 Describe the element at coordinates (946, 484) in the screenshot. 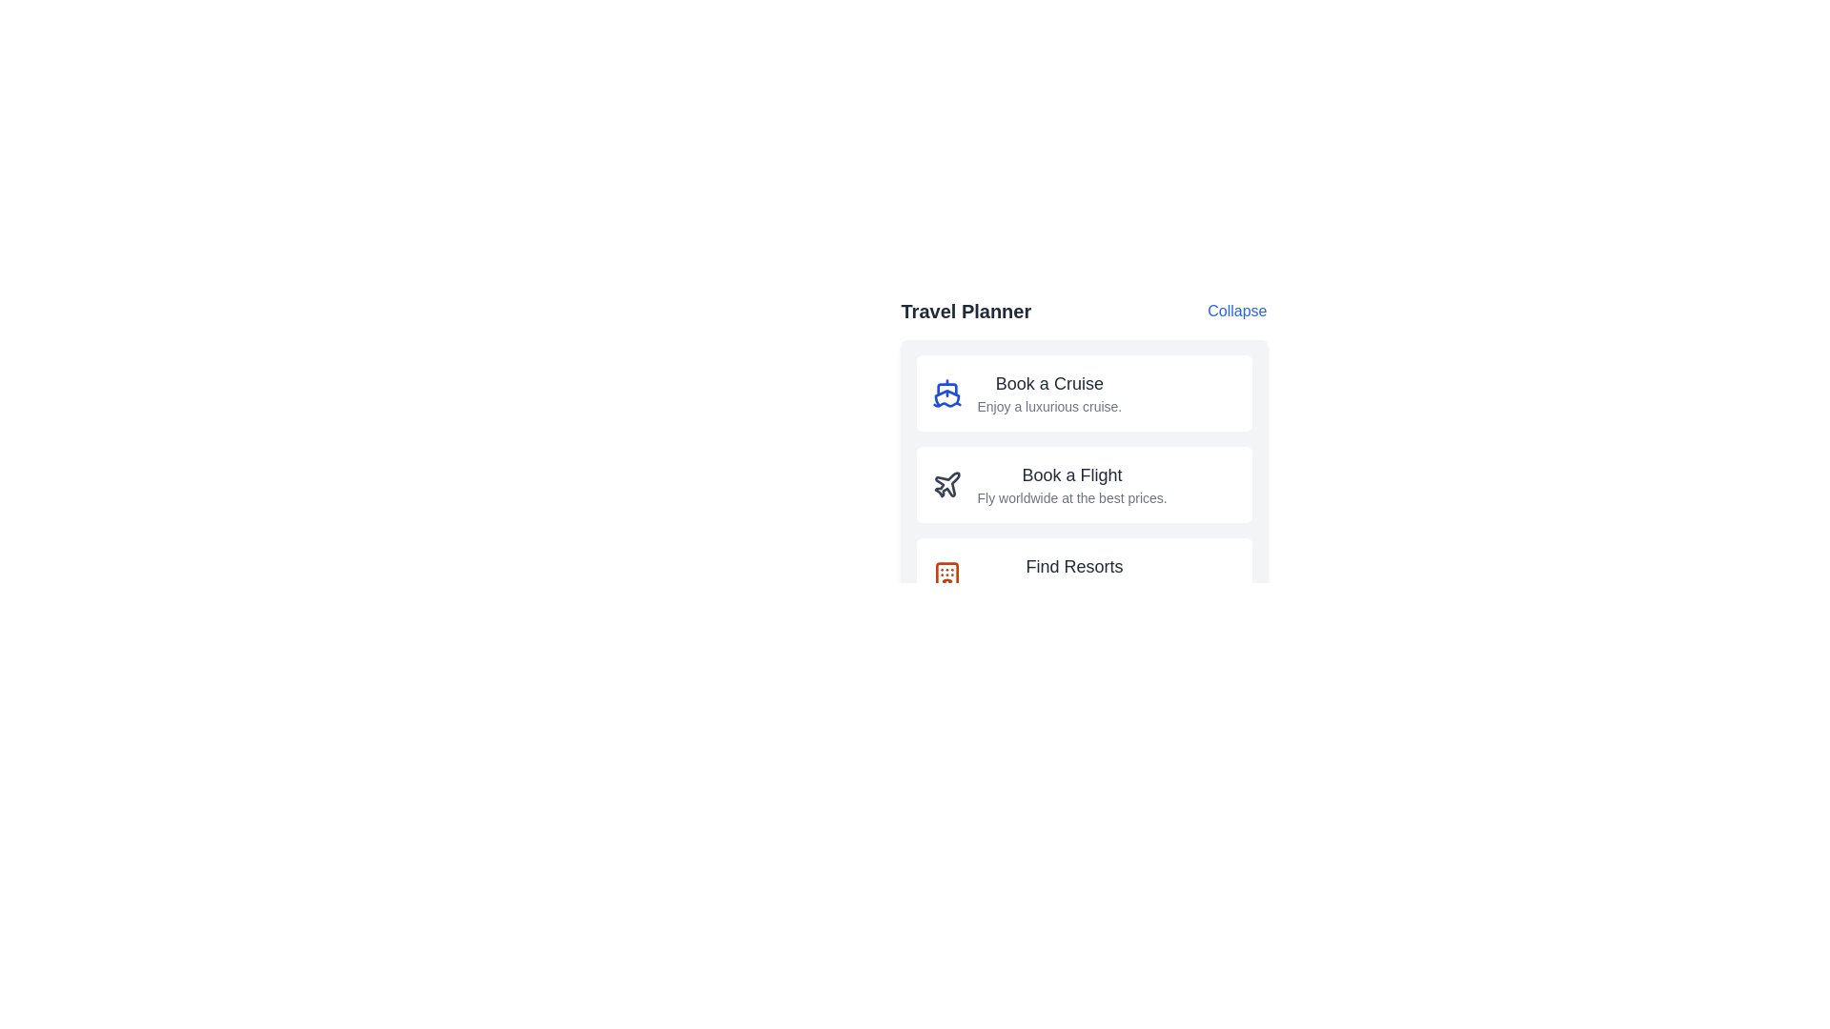

I see `the airplane icon, which is a minimalistic outline design in dark gray, located to the left of the 'Book a Flight' text in the second item of the travel options list under the 'Travel Planner' heading` at that location.